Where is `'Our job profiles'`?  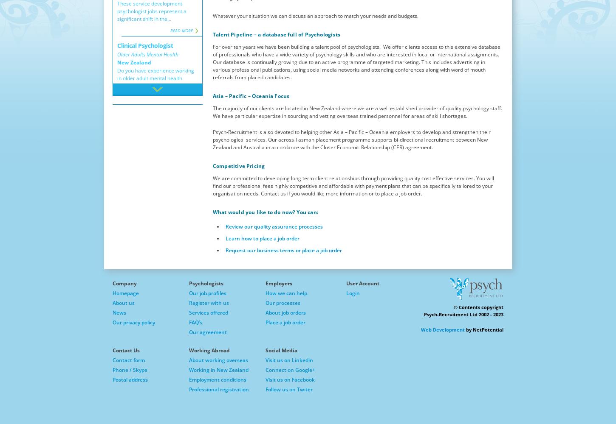
'Our job profiles' is located at coordinates (207, 293).